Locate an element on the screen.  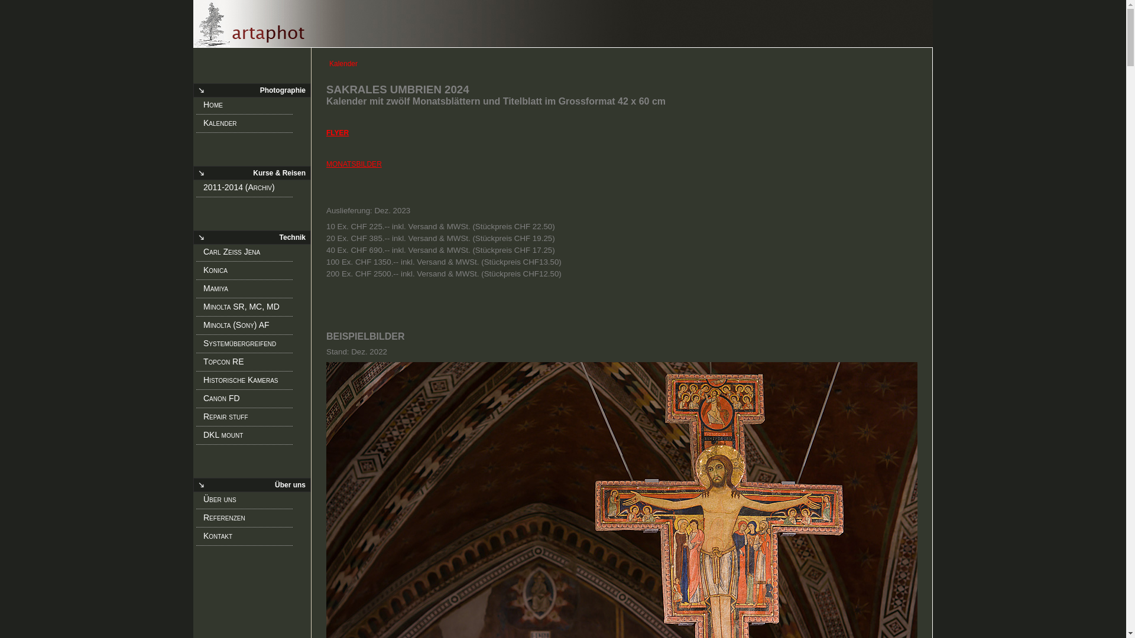
'Kalender' is located at coordinates (562, 24).